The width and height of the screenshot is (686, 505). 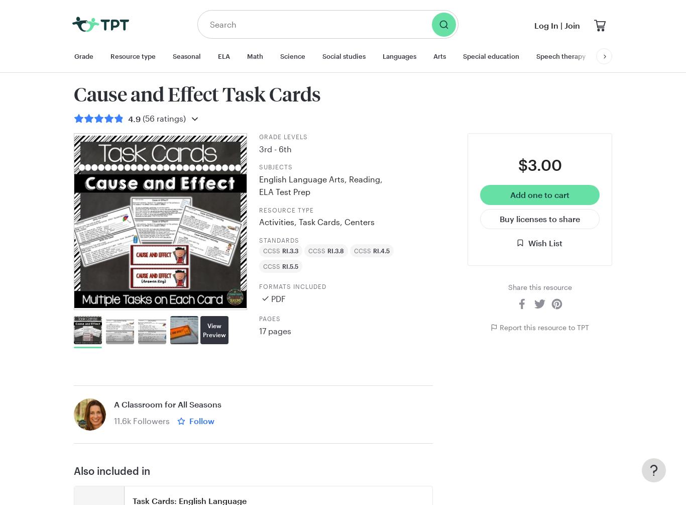 What do you see at coordinates (491, 56) in the screenshot?
I see `'Special education'` at bounding box center [491, 56].